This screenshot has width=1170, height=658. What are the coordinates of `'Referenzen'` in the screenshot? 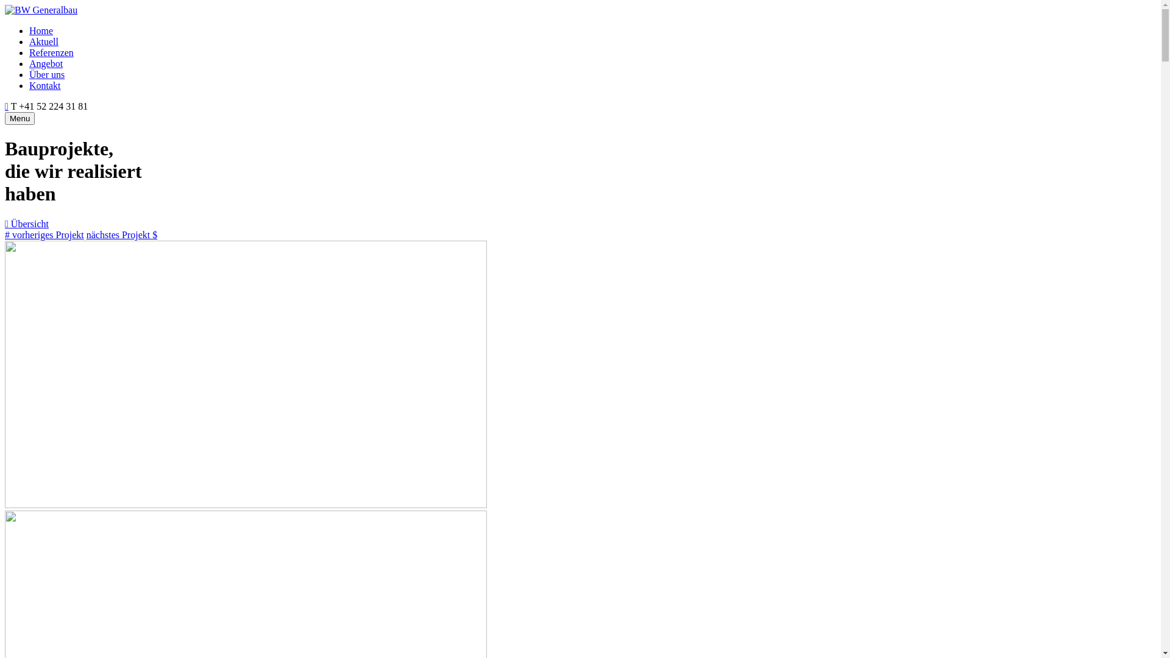 It's located at (51, 52).